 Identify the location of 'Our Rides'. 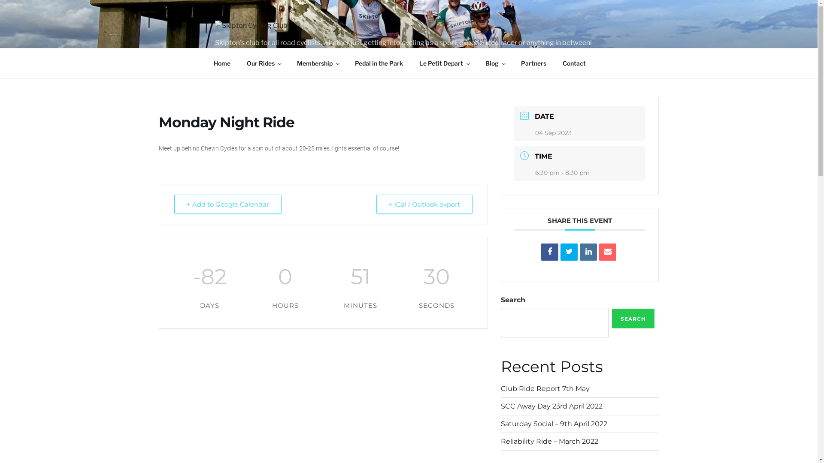
(263, 63).